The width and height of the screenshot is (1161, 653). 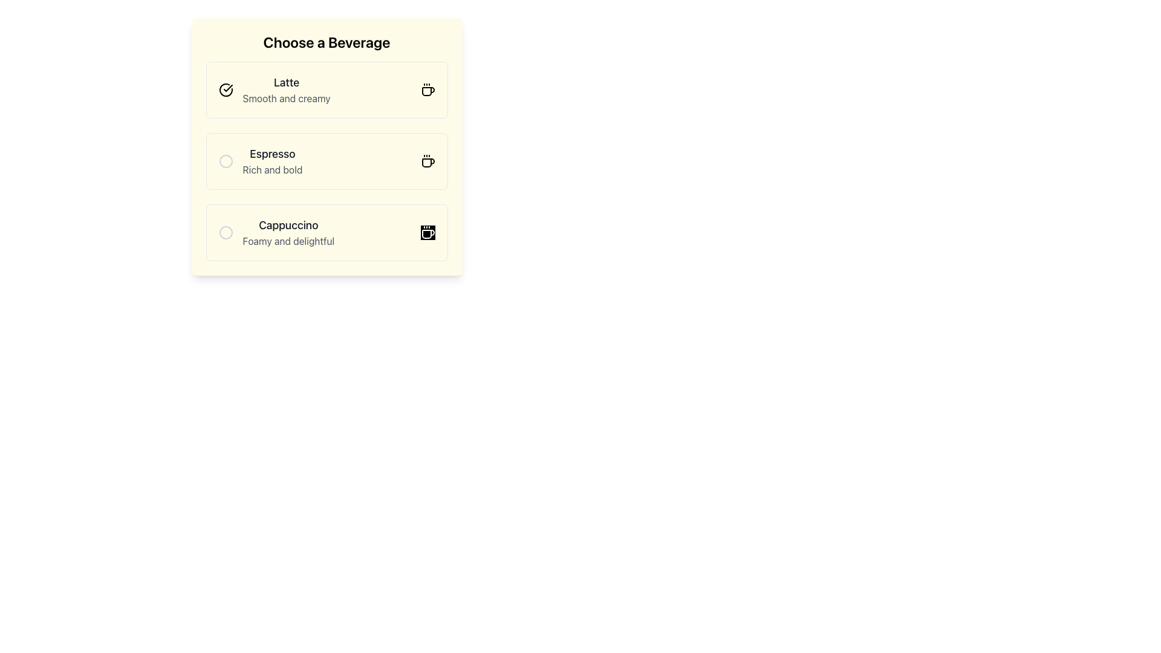 What do you see at coordinates (272, 153) in the screenshot?
I see `the 'Espresso' option title in the beverage selection menu, which is located in the center-left portion of the list and is situated below the 'Latte' title and above the 'Cappuccino' title` at bounding box center [272, 153].